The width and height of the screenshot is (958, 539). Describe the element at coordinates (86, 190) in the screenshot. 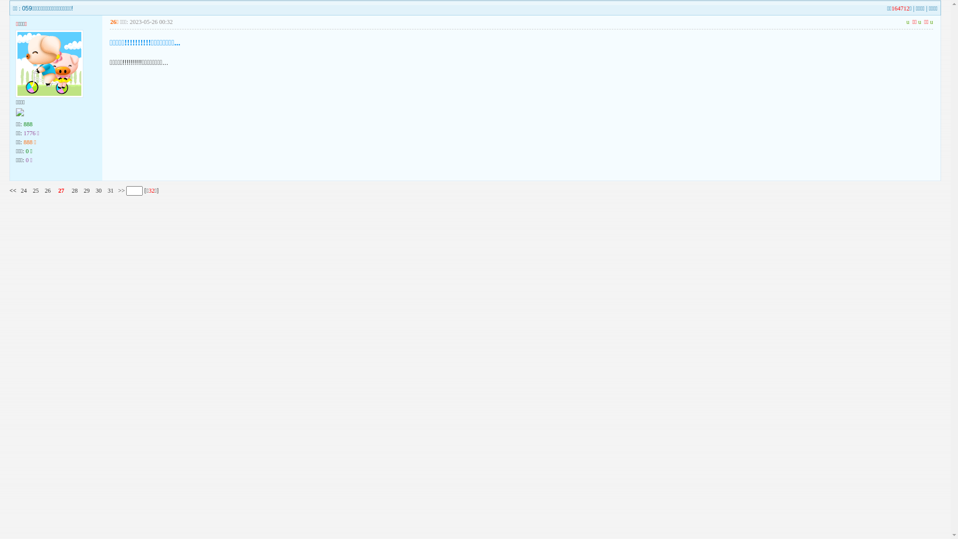

I see `'29'` at that location.